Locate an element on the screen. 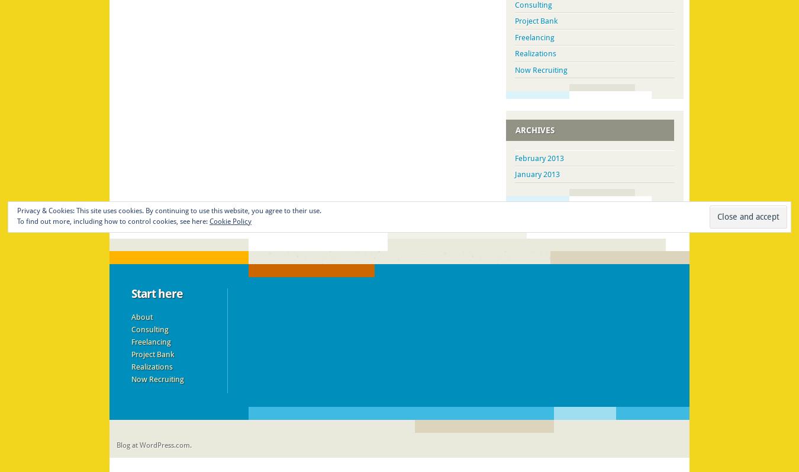  'Cookie Policy' is located at coordinates (230, 221).